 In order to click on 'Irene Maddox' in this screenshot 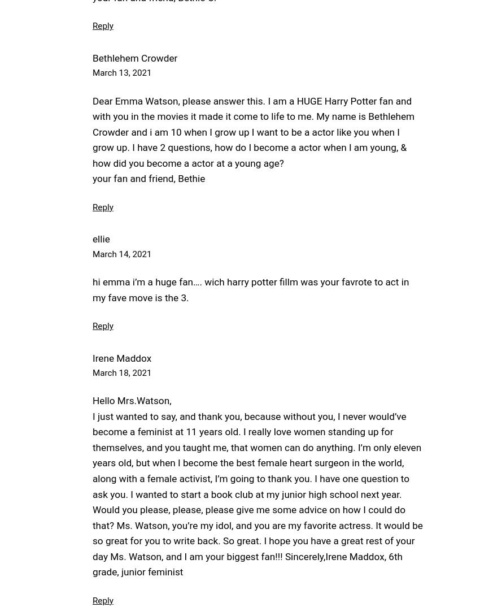, I will do `click(121, 358)`.